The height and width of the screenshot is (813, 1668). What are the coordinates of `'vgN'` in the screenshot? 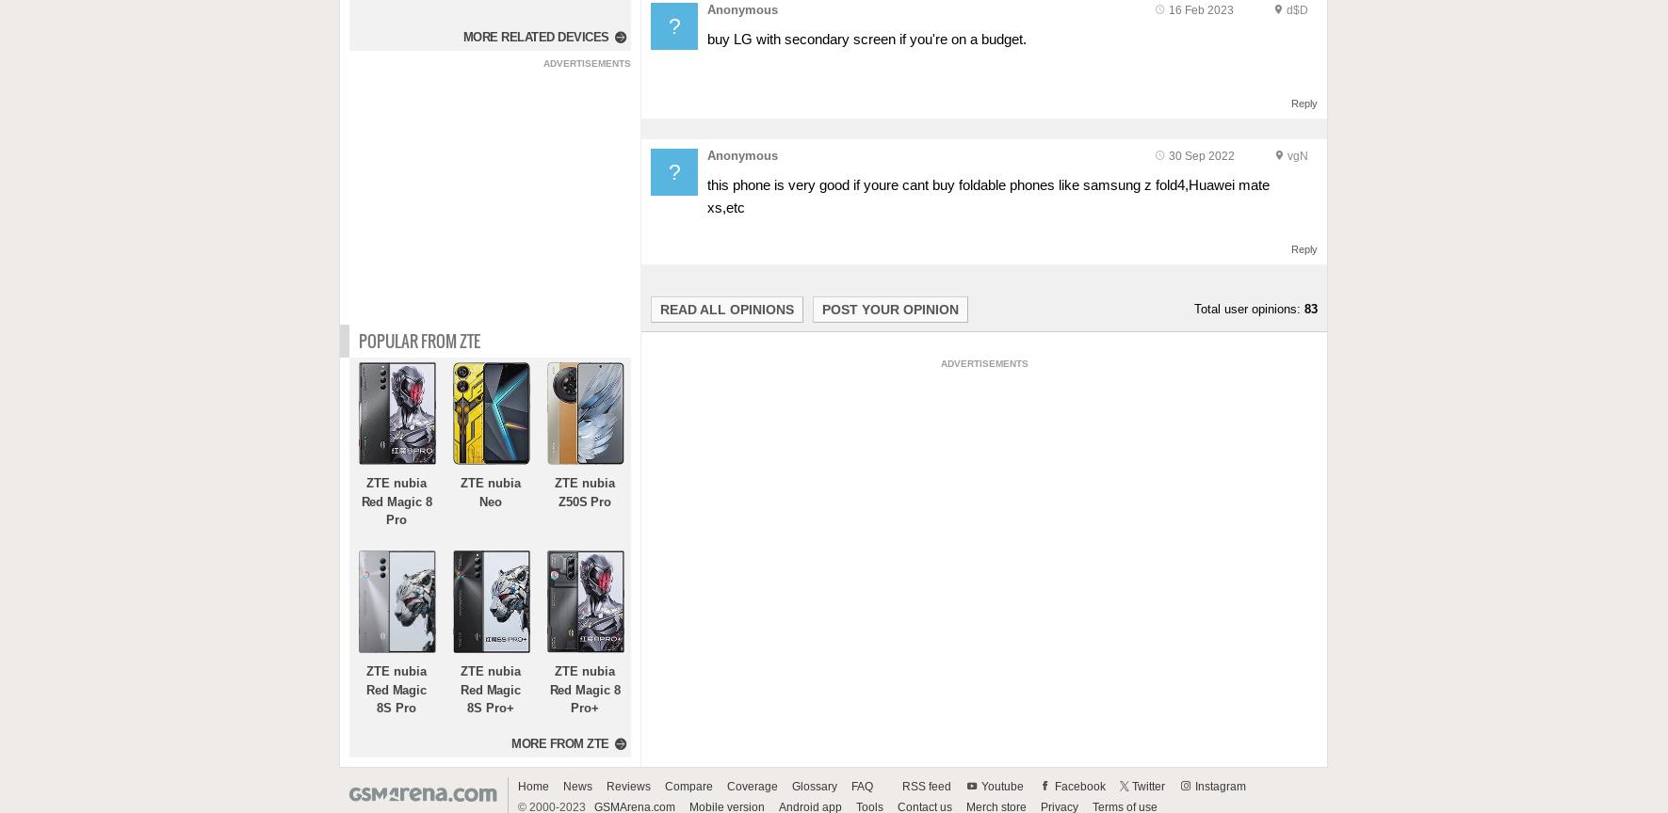 It's located at (1297, 154).